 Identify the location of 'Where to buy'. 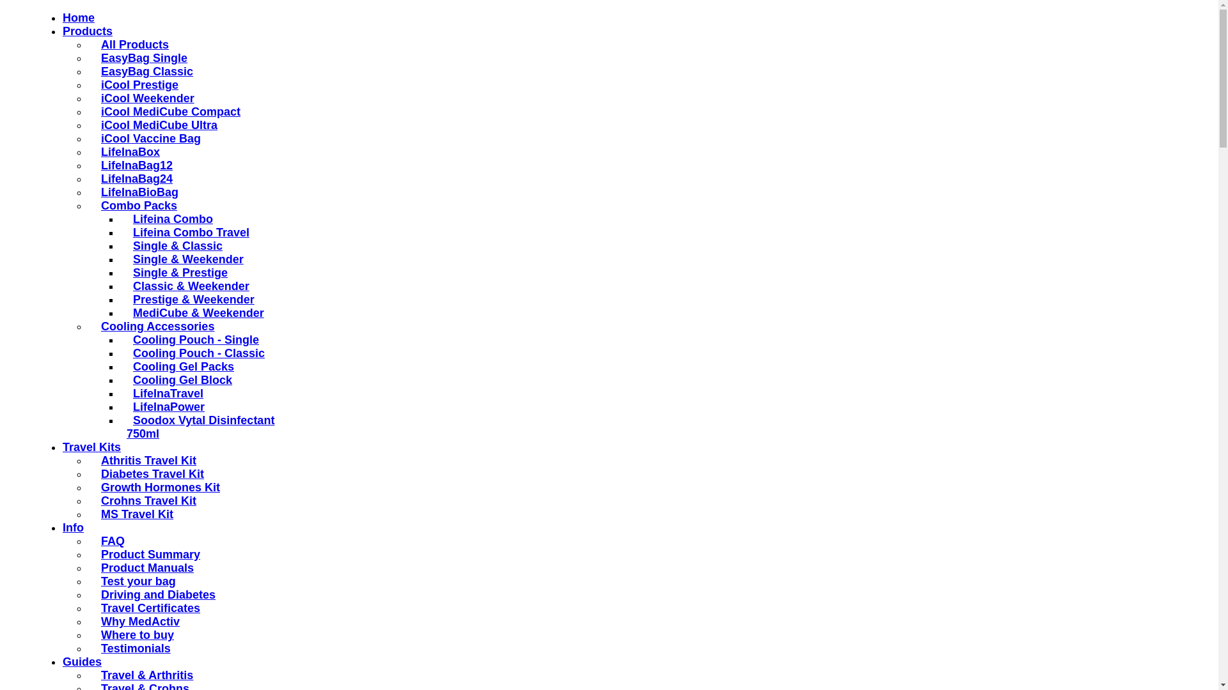
(134, 635).